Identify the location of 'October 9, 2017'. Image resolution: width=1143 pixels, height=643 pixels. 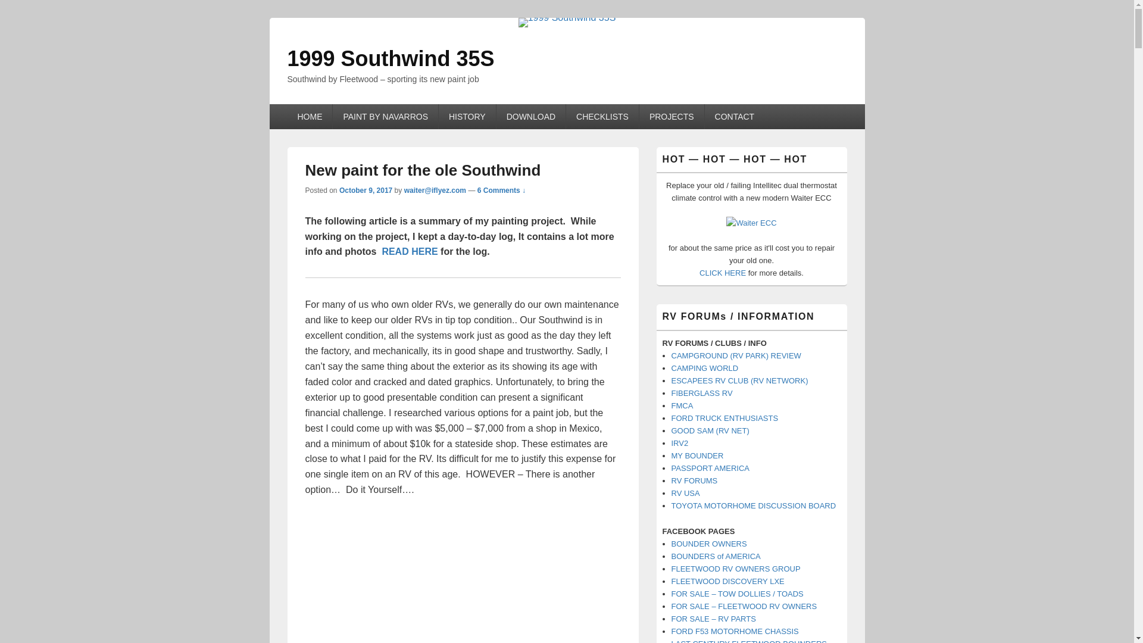
(365, 190).